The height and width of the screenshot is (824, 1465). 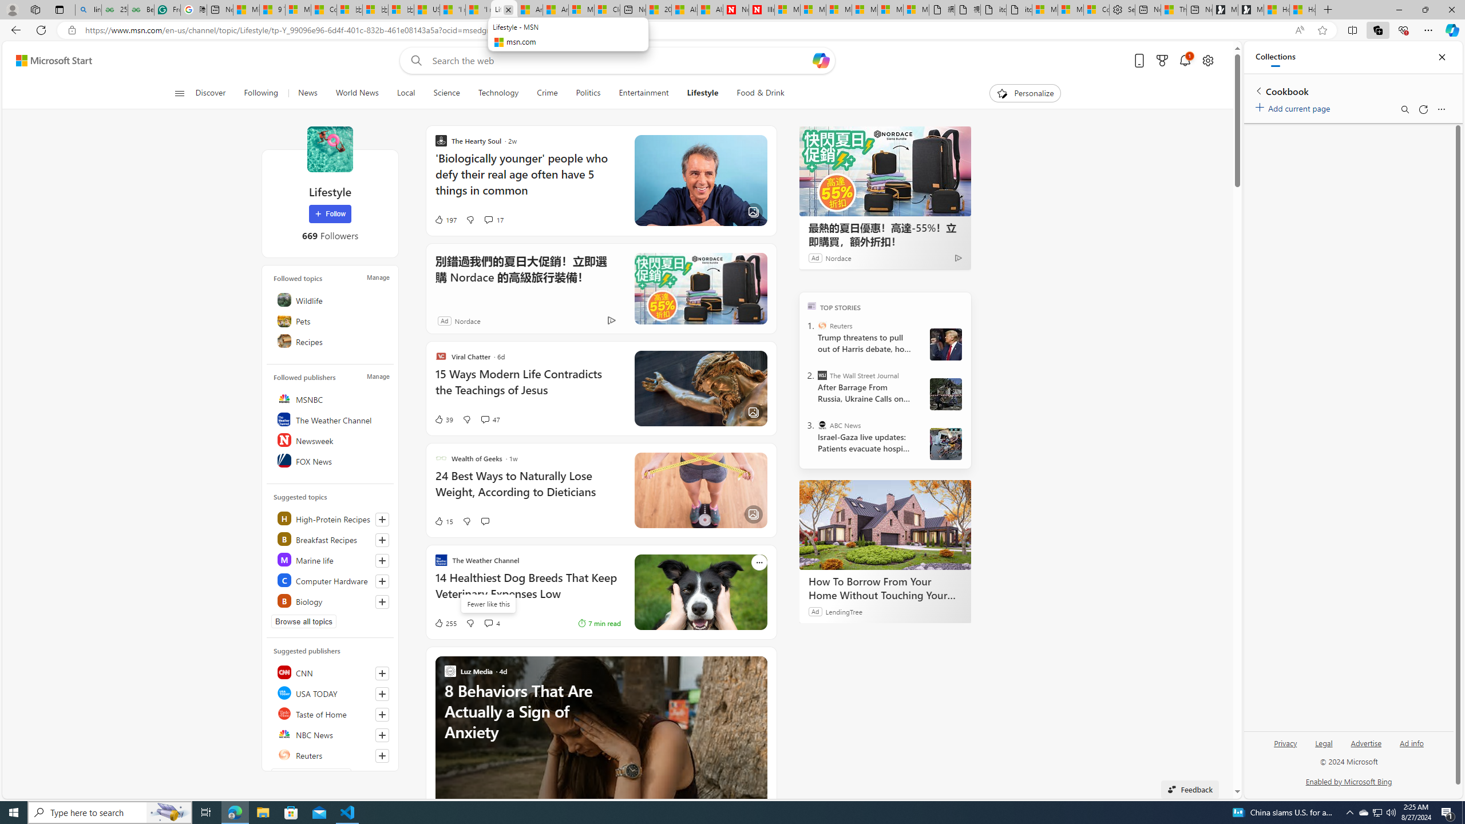 I want to click on 'Skip to footer', so click(x=46, y=60).